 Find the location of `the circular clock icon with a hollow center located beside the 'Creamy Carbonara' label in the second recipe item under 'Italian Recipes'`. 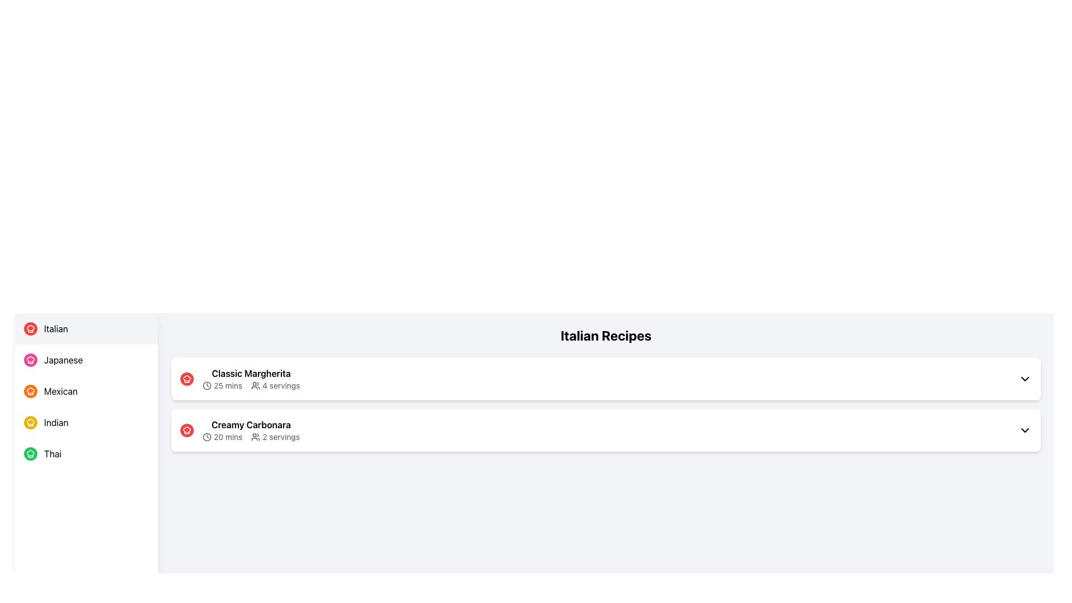

the circular clock icon with a hollow center located beside the 'Creamy Carbonara' label in the second recipe item under 'Italian Recipes' is located at coordinates (207, 437).